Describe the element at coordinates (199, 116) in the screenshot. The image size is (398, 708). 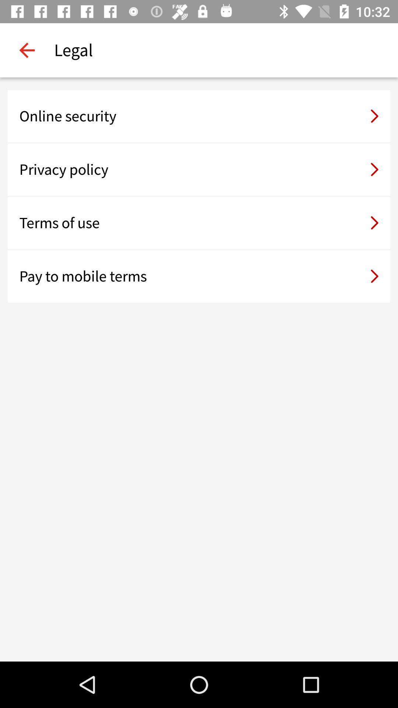
I see `icon above privacy policy` at that location.